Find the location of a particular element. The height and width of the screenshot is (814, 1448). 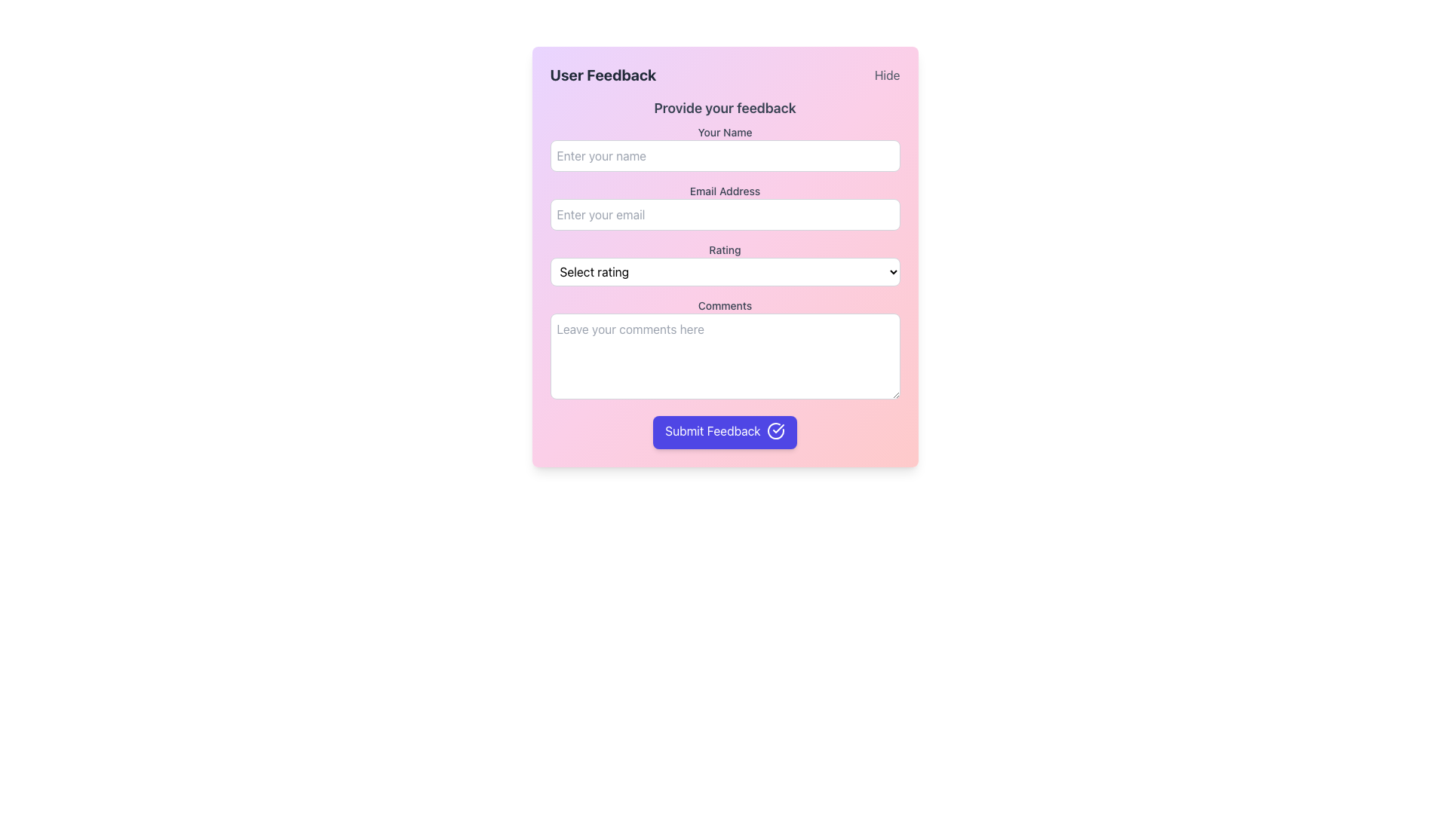

the label that describes the purpose of the text input field for entering the user's name, located near the top of the feedback form below the section heading 'Provide your feedback' is located at coordinates (725, 132).